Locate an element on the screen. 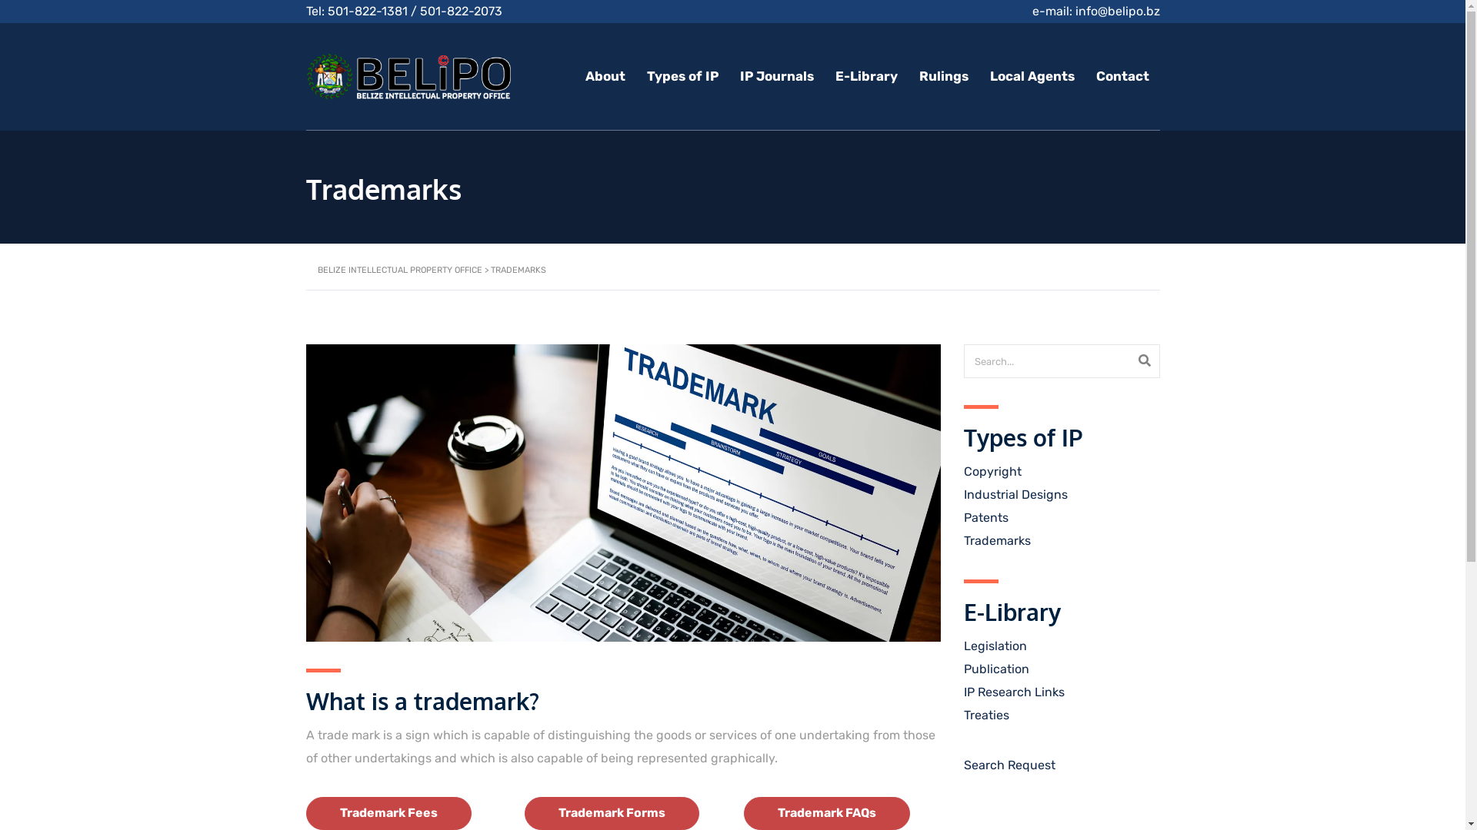 Image resolution: width=1477 pixels, height=830 pixels. 'Patents' is located at coordinates (985, 517).